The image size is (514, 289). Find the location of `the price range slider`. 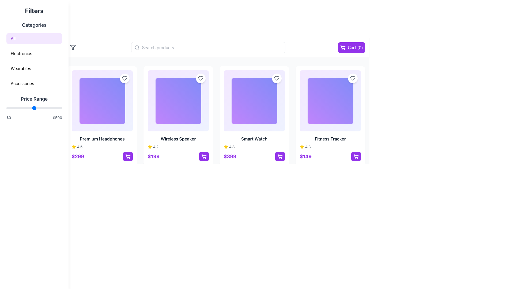

the price range slider is located at coordinates (17, 108).